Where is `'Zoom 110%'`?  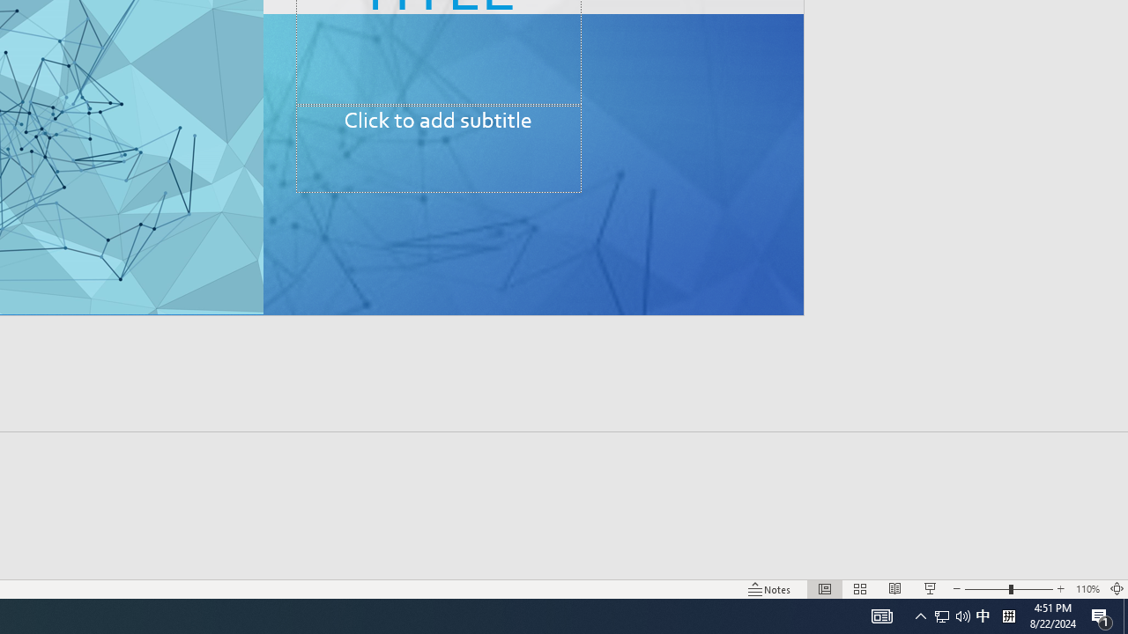 'Zoom 110%' is located at coordinates (1087, 589).